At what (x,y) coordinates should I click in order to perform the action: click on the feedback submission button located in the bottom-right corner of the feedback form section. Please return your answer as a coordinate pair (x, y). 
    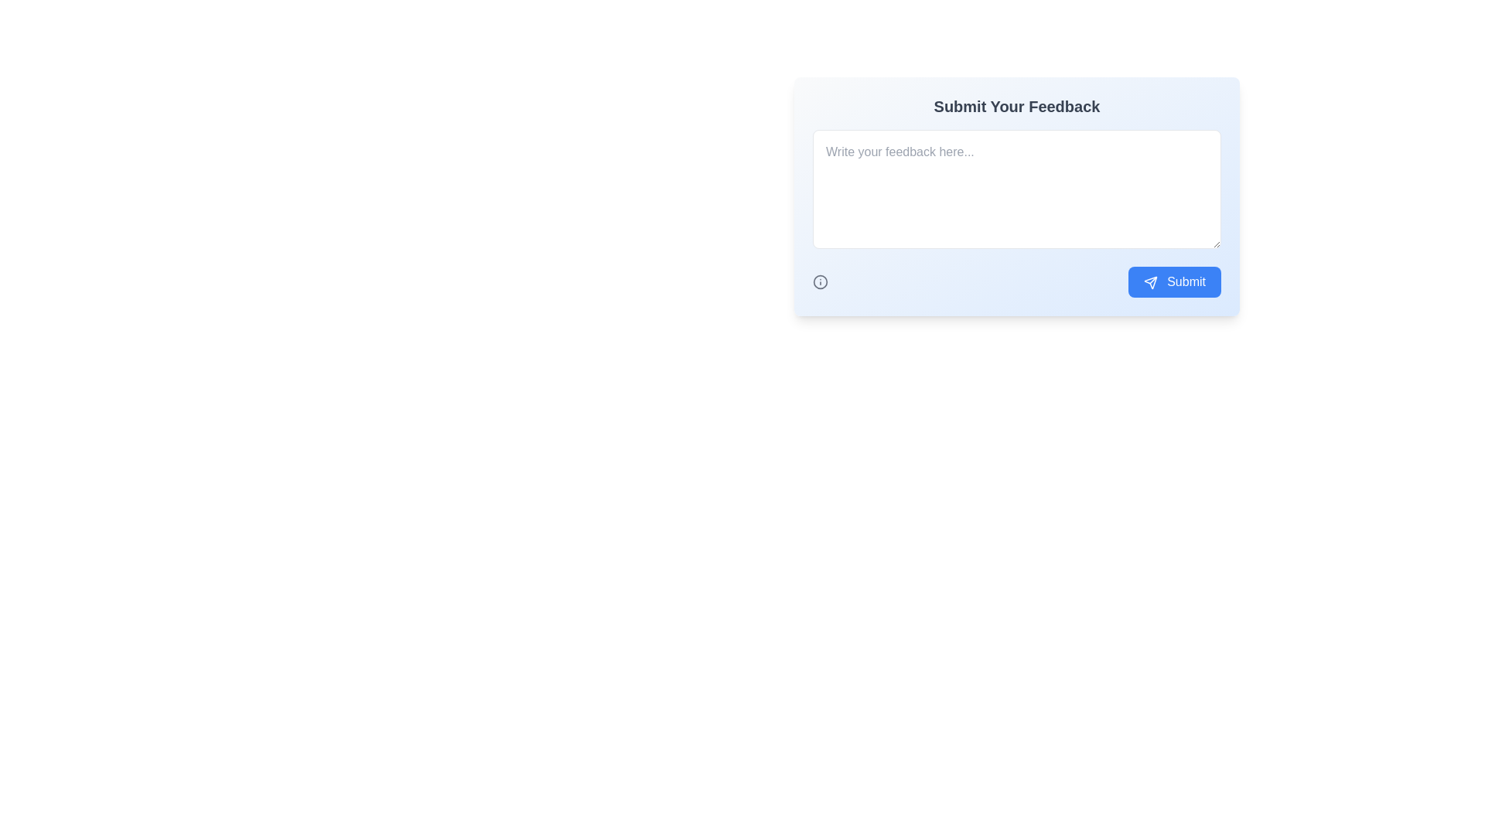
    Looking at the image, I should click on (1174, 282).